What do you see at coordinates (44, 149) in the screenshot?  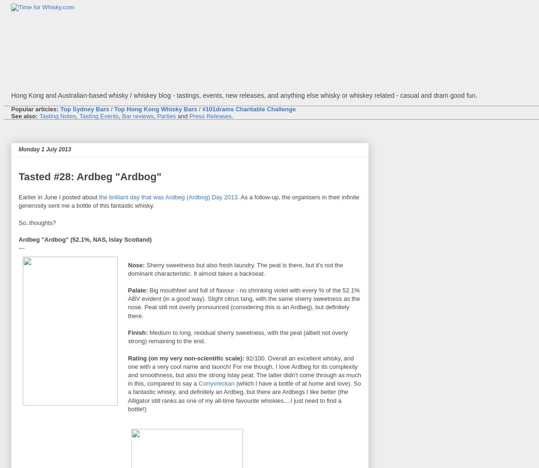 I see `'Monday 1 July 2013'` at bounding box center [44, 149].